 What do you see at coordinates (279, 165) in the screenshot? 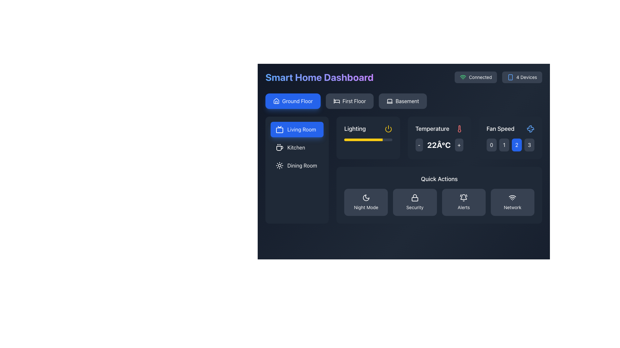
I see `the sun-shaped icon representing the 'Dining Room' option in the left-side navigation panel` at bounding box center [279, 165].